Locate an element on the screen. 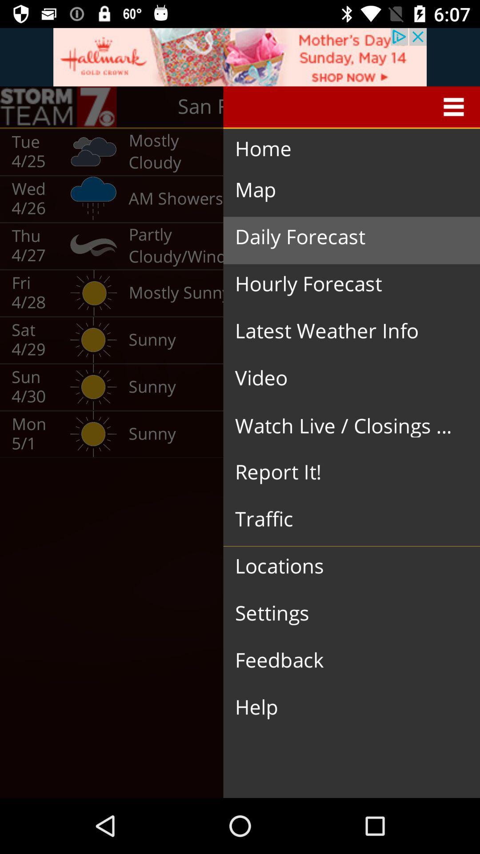 The width and height of the screenshot is (480, 854). the hourly forecast is located at coordinates (344, 284).